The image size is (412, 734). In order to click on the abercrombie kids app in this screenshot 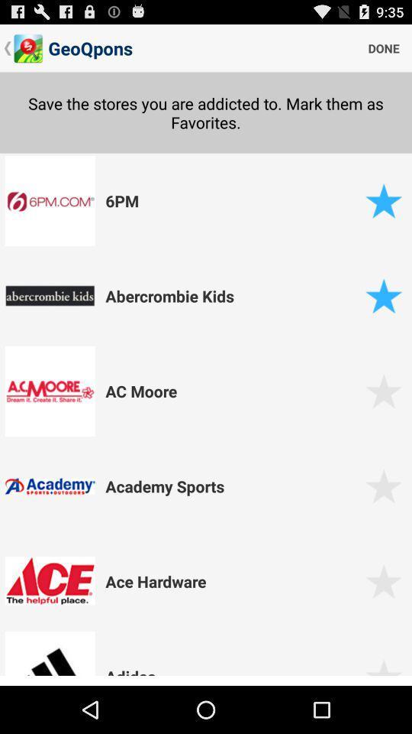, I will do `click(233, 294)`.